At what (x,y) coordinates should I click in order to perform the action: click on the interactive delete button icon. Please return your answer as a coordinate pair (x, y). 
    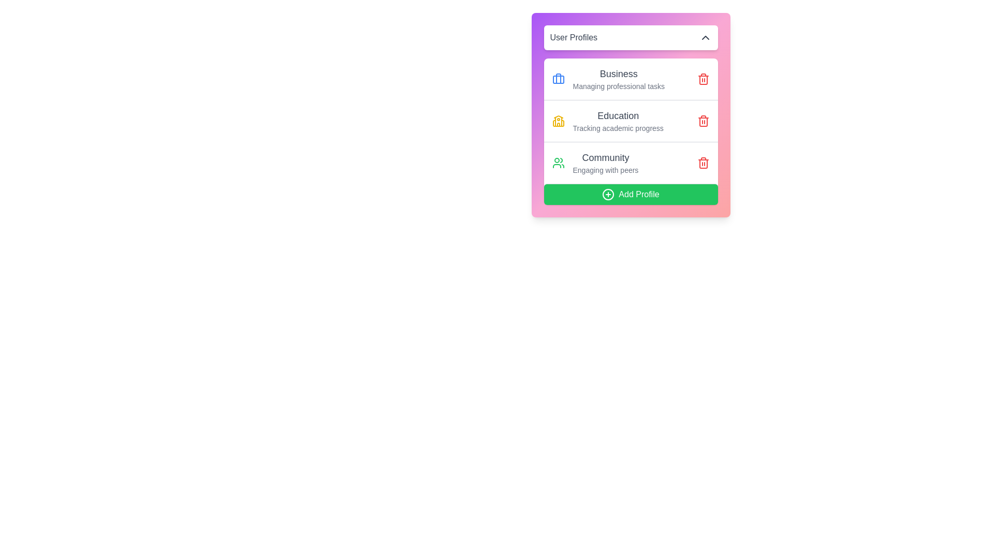
    Looking at the image, I should click on (703, 121).